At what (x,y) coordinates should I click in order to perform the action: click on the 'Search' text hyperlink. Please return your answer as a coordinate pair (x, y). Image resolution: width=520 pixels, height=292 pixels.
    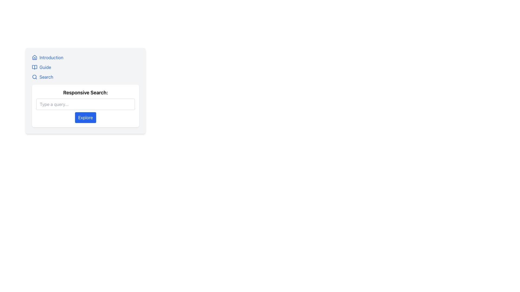
    Looking at the image, I should click on (46, 77).